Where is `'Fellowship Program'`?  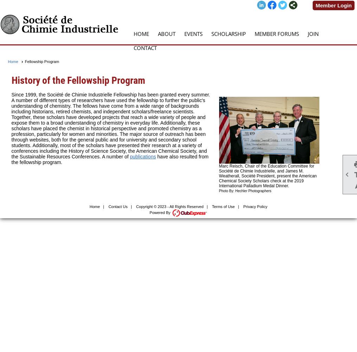
'Fellowship Program' is located at coordinates (42, 62).